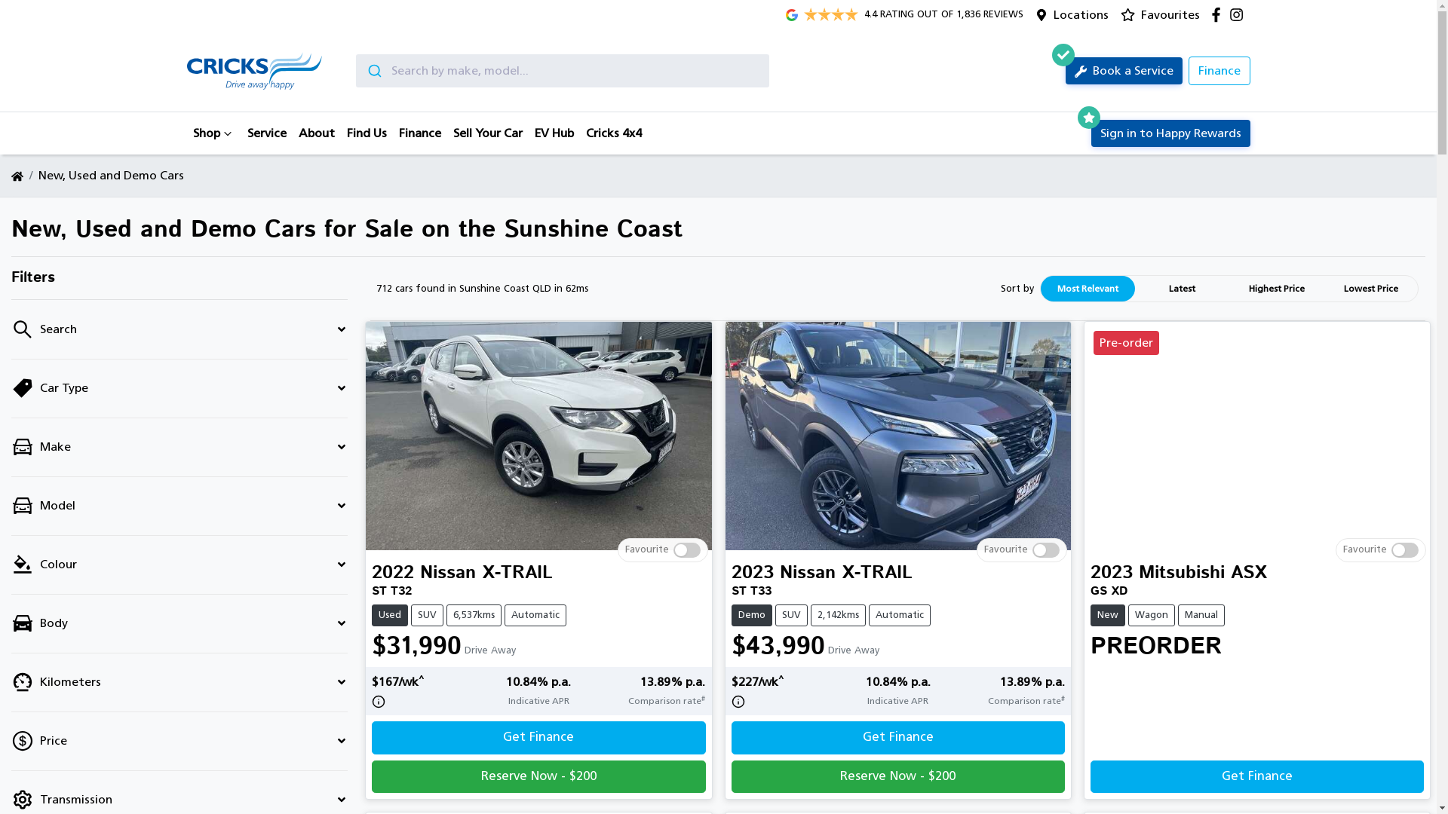  I want to click on 'Kilometers', so click(179, 682).